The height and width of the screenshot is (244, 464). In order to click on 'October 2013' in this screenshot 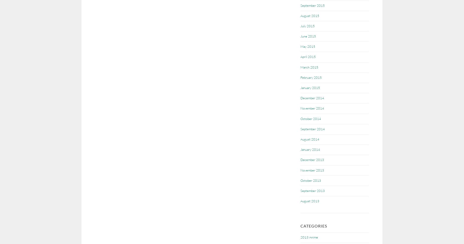, I will do `click(310, 180)`.